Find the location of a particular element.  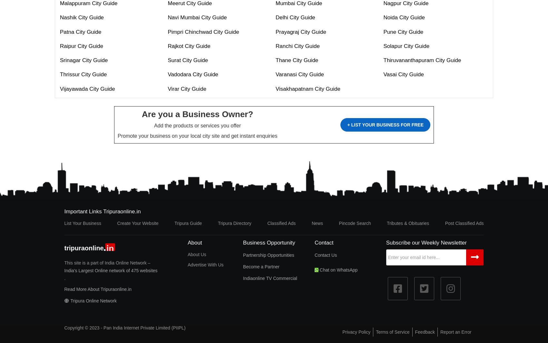

'Pimpri Chinchwad City Guide' is located at coordinates (203, 31).